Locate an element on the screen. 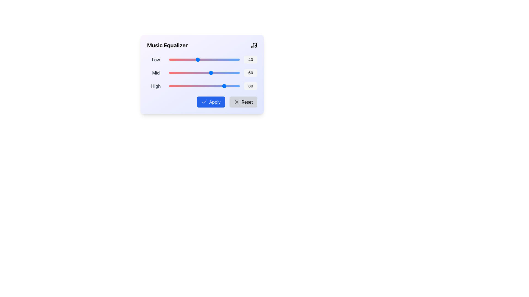 The height and width of the screenshot is (297, 529). the low equalizer slider is located at coordinates (229, 59).